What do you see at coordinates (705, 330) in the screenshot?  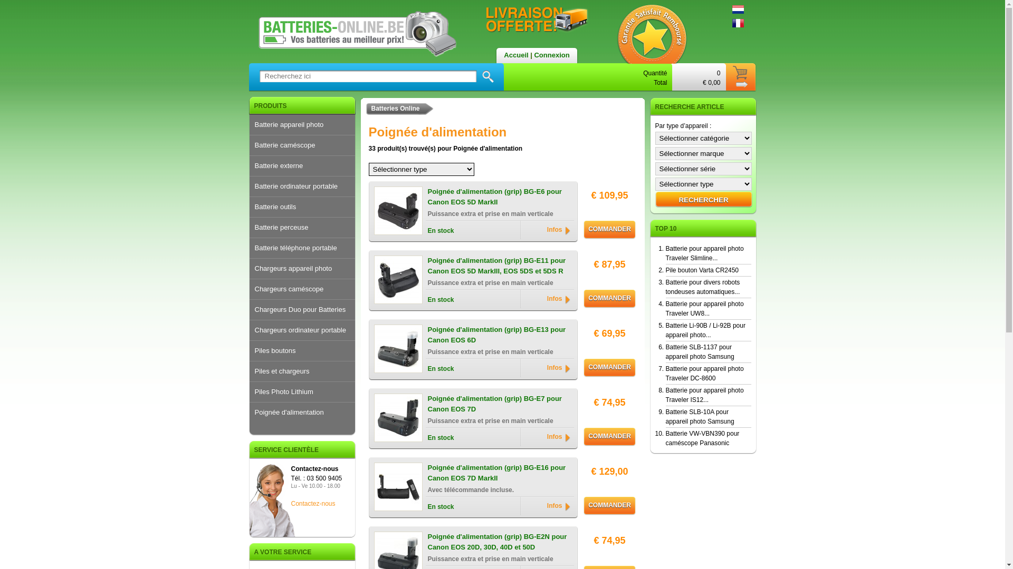 I see `'Batterie Li-90B / Li-92B pour appareil photo...'` at bounding box center [705, 330].